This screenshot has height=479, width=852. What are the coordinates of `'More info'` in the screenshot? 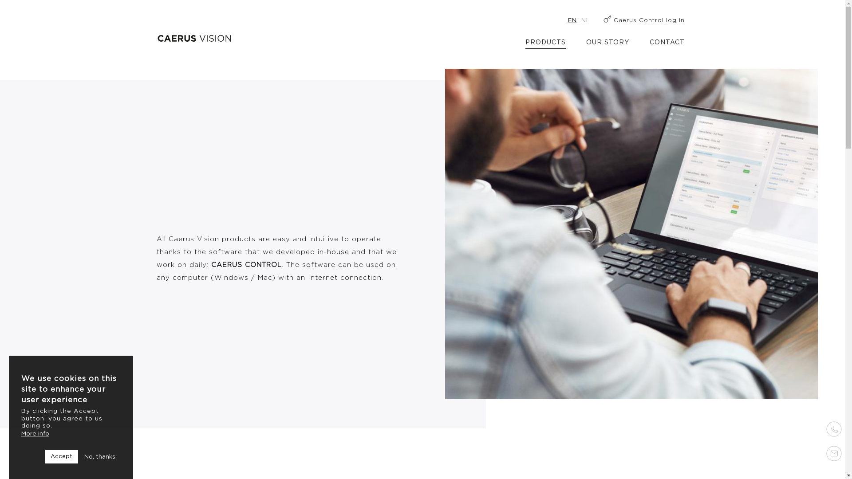 It's located at (35, 433).